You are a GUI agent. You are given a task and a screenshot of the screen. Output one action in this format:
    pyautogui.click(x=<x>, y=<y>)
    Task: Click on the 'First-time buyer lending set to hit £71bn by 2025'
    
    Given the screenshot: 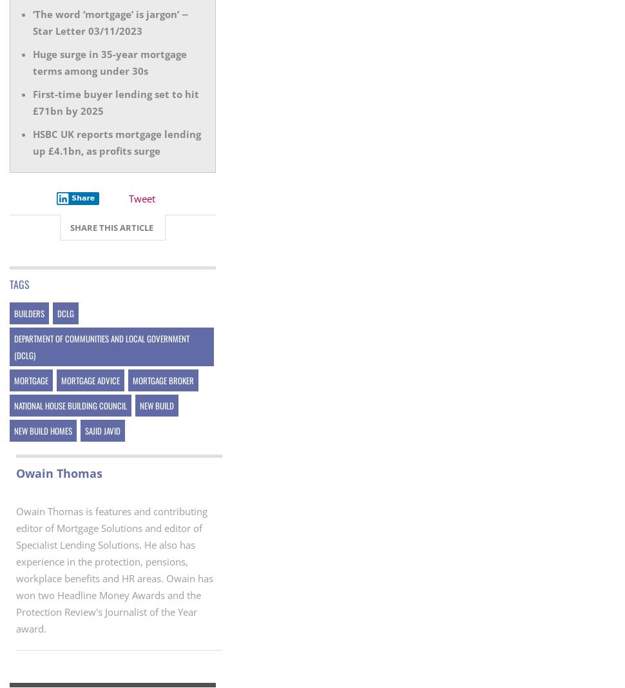 What is the action you would take?
    pyautogui.click(x=115, y=101)
    